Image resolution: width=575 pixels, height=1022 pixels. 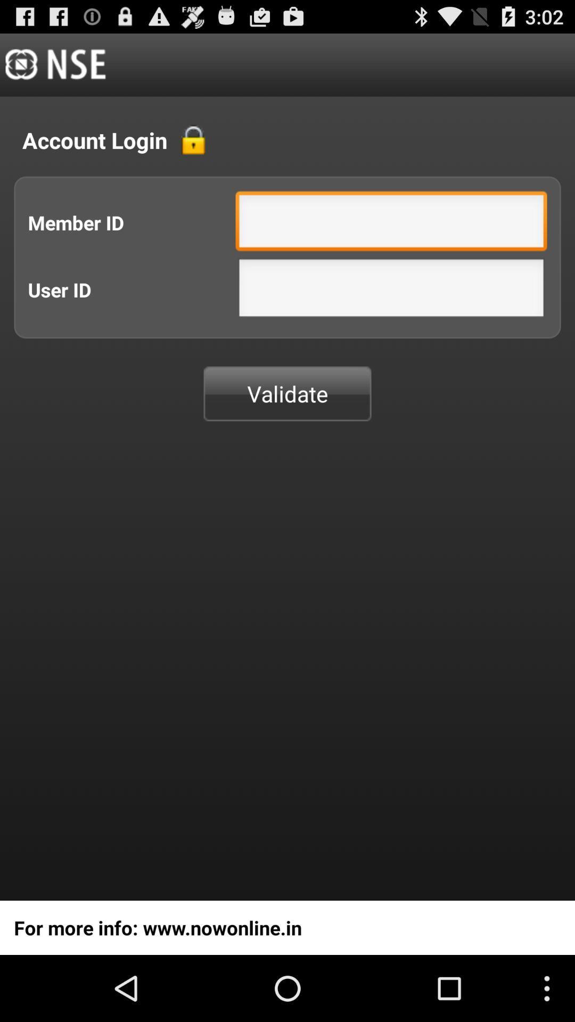 What do you see at coordinates (287, 393) in the screenshot?
I see `the item above for more info item` at bounding box center [287, 393].